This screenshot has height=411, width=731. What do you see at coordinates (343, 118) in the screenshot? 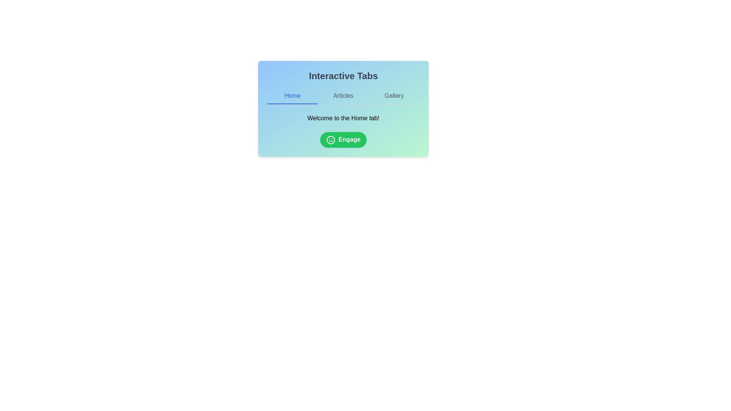
I see `the static text label displaying 'Welcome to the Home tab!', which is centrally aligned below the navigation tabs` at bounding box center [343, 118].